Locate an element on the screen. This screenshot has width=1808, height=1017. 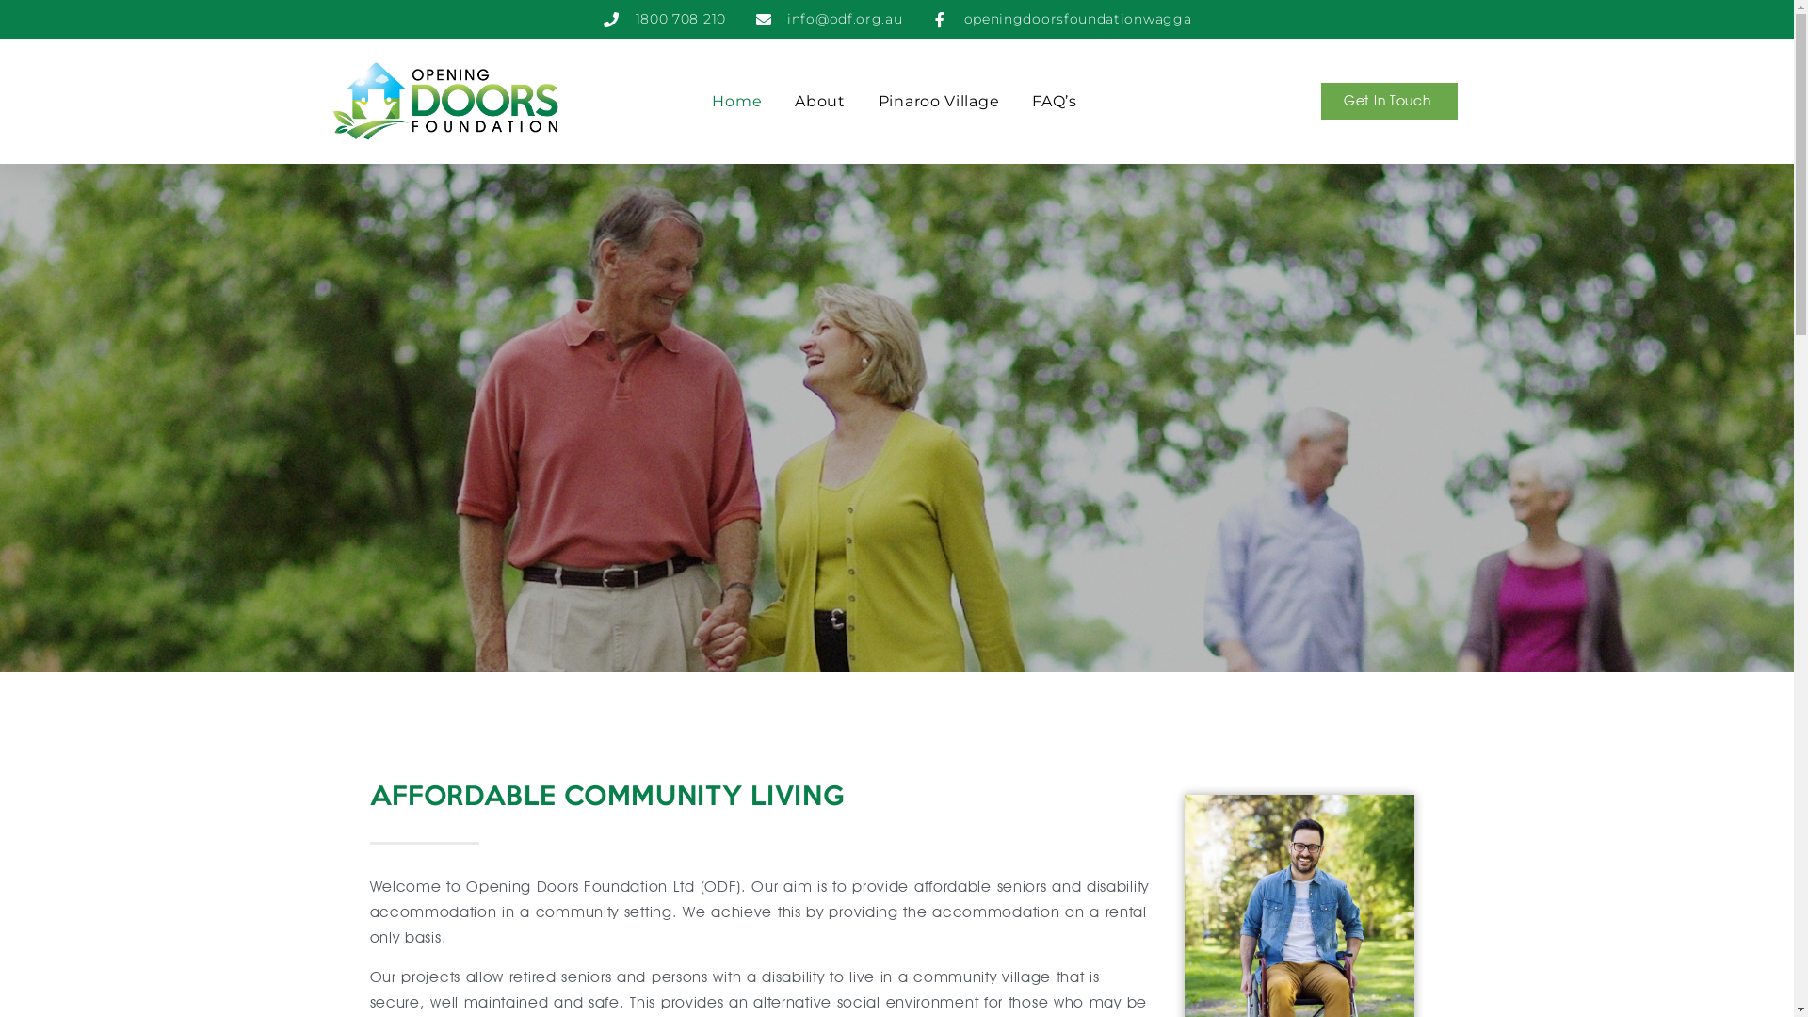
'Get In Touch' is located at coordinates (1319, 101).